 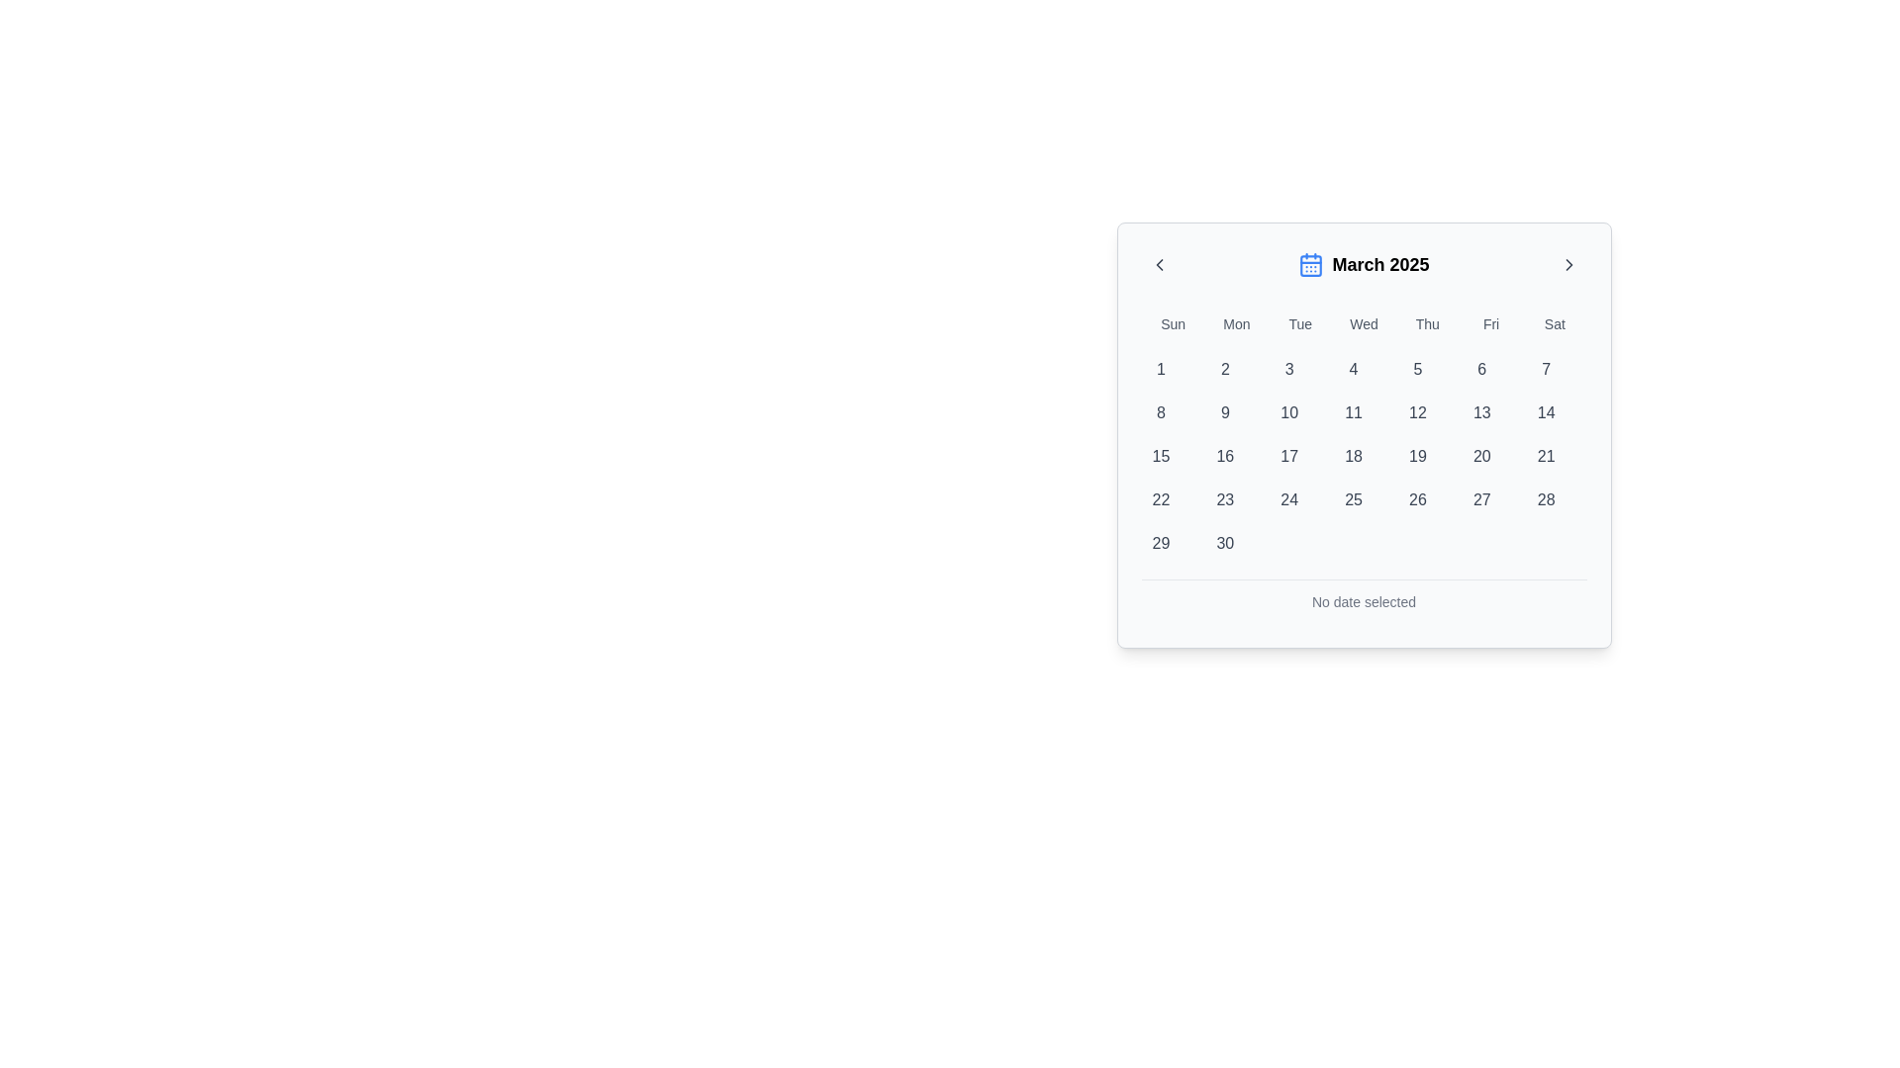 What do you see at coordinates (1224, 544) in the screenshot?
I see `the button representing the date '30' in the March 2025 calendar` at bounding box center [1224, 544].